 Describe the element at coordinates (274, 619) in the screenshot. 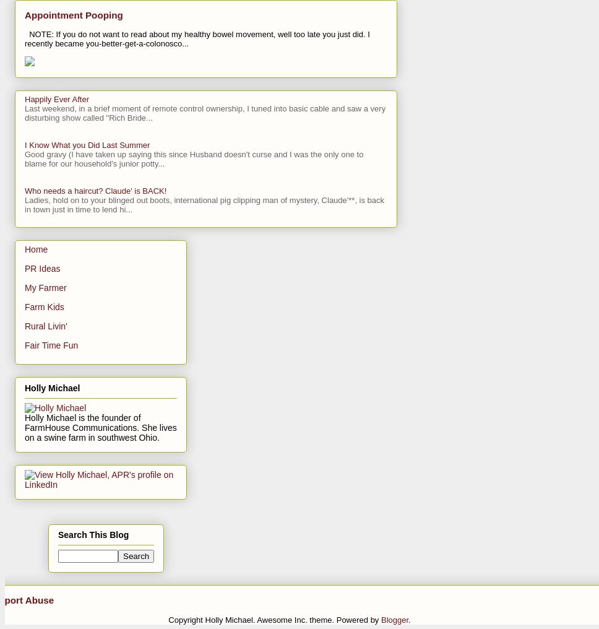

I see `'Copyright Holly Michael. Awesome Inc. theme. Powered by'` at that location.